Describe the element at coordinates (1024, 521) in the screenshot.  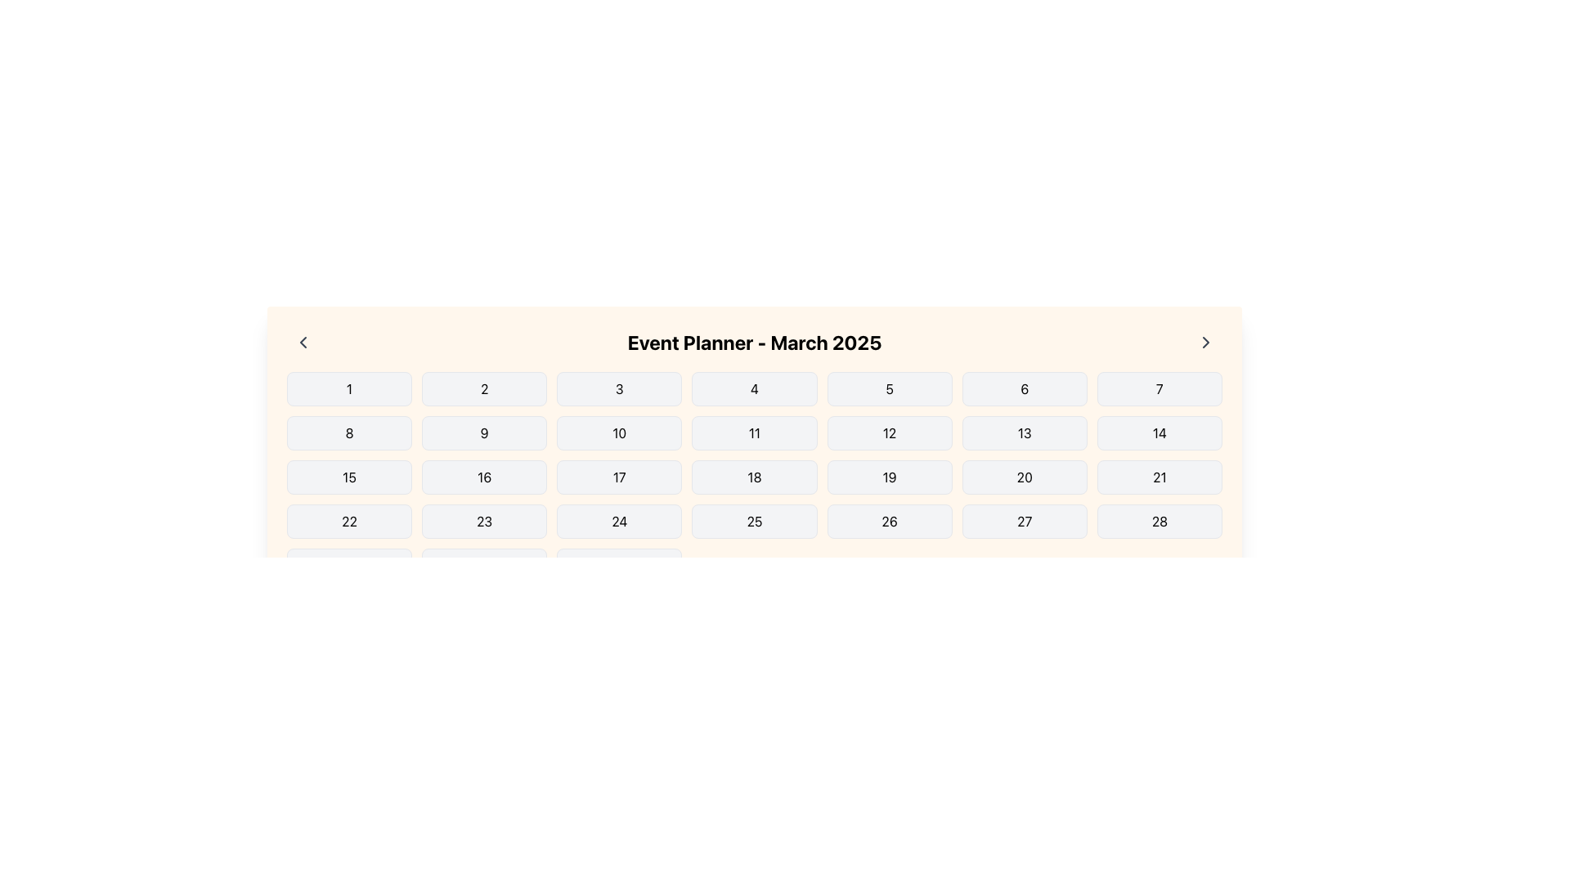
I see `the date selection button representing the date '27' in the calendar view` at that location.